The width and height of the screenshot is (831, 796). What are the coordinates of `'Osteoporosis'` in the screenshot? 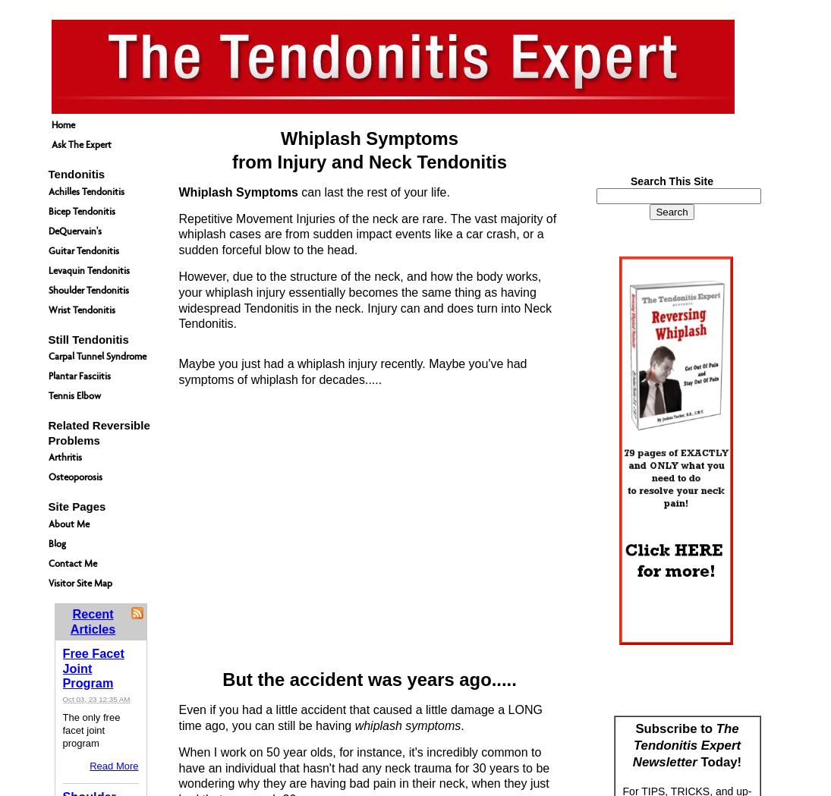 It's located at (74, 477).